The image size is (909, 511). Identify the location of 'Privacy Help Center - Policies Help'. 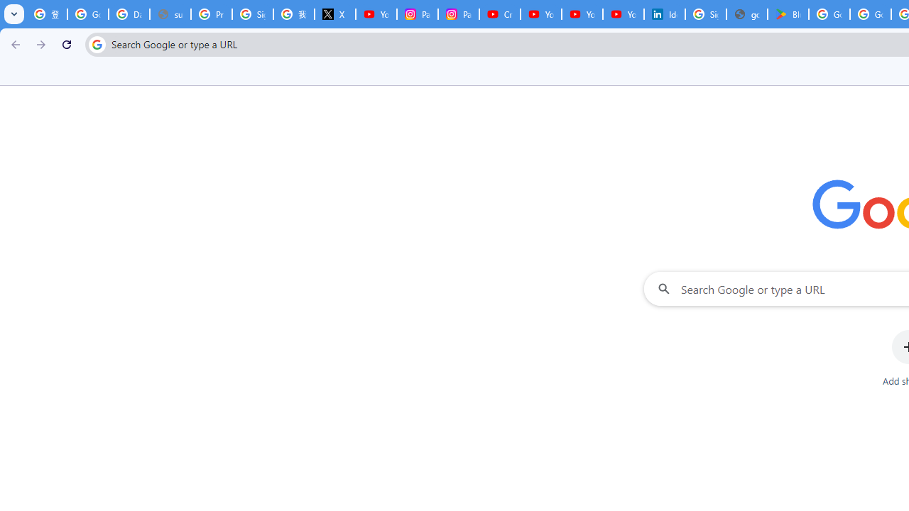
(210, 14).